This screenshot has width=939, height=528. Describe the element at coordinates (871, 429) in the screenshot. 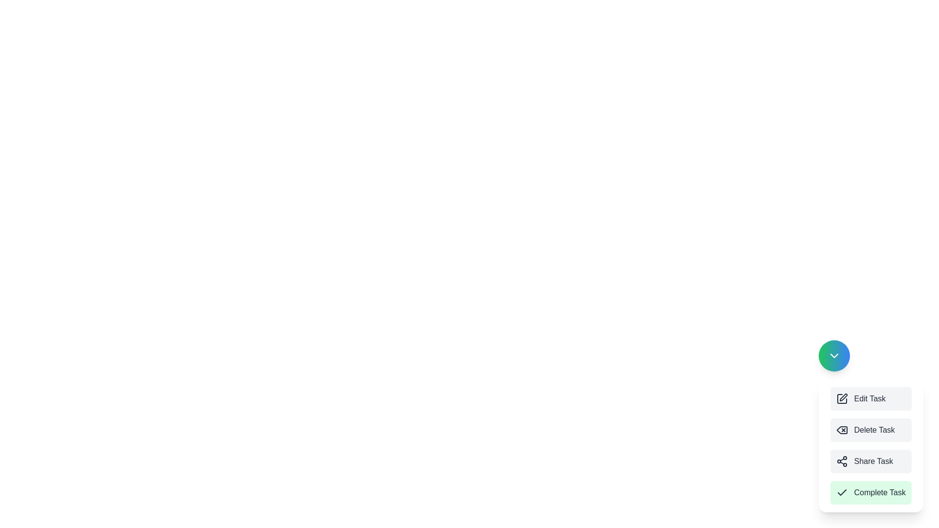

I see `the button labeled Delete Task to observe the hover effect` at that location.